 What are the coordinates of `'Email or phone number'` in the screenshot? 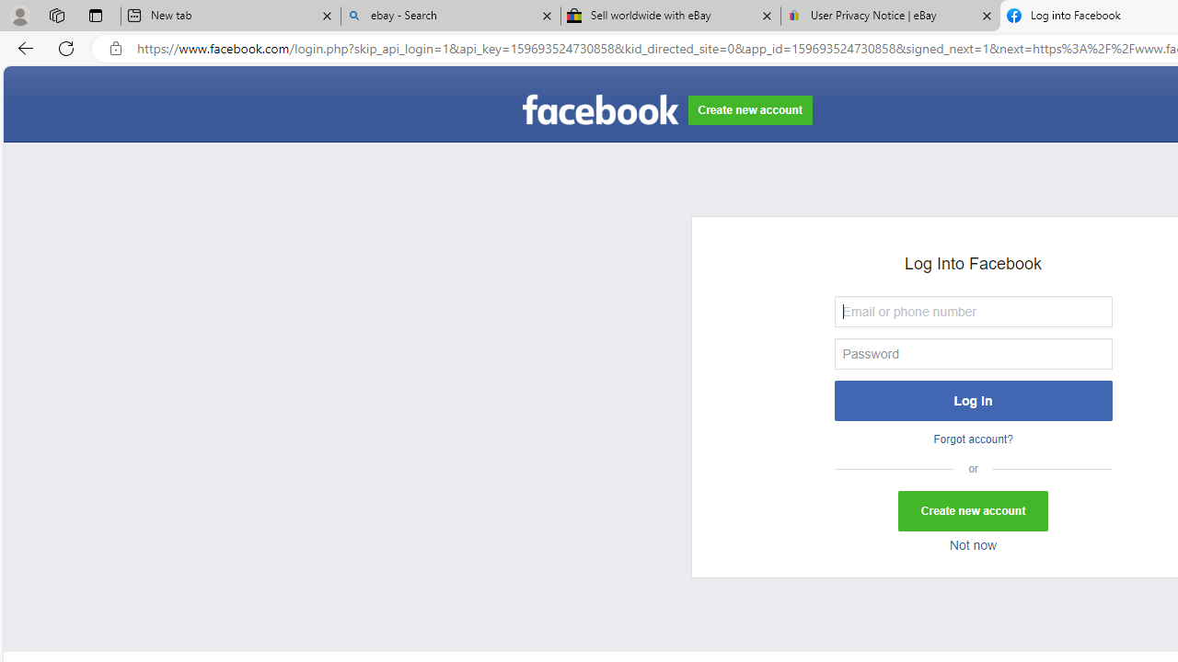 It's located at (972, 310).